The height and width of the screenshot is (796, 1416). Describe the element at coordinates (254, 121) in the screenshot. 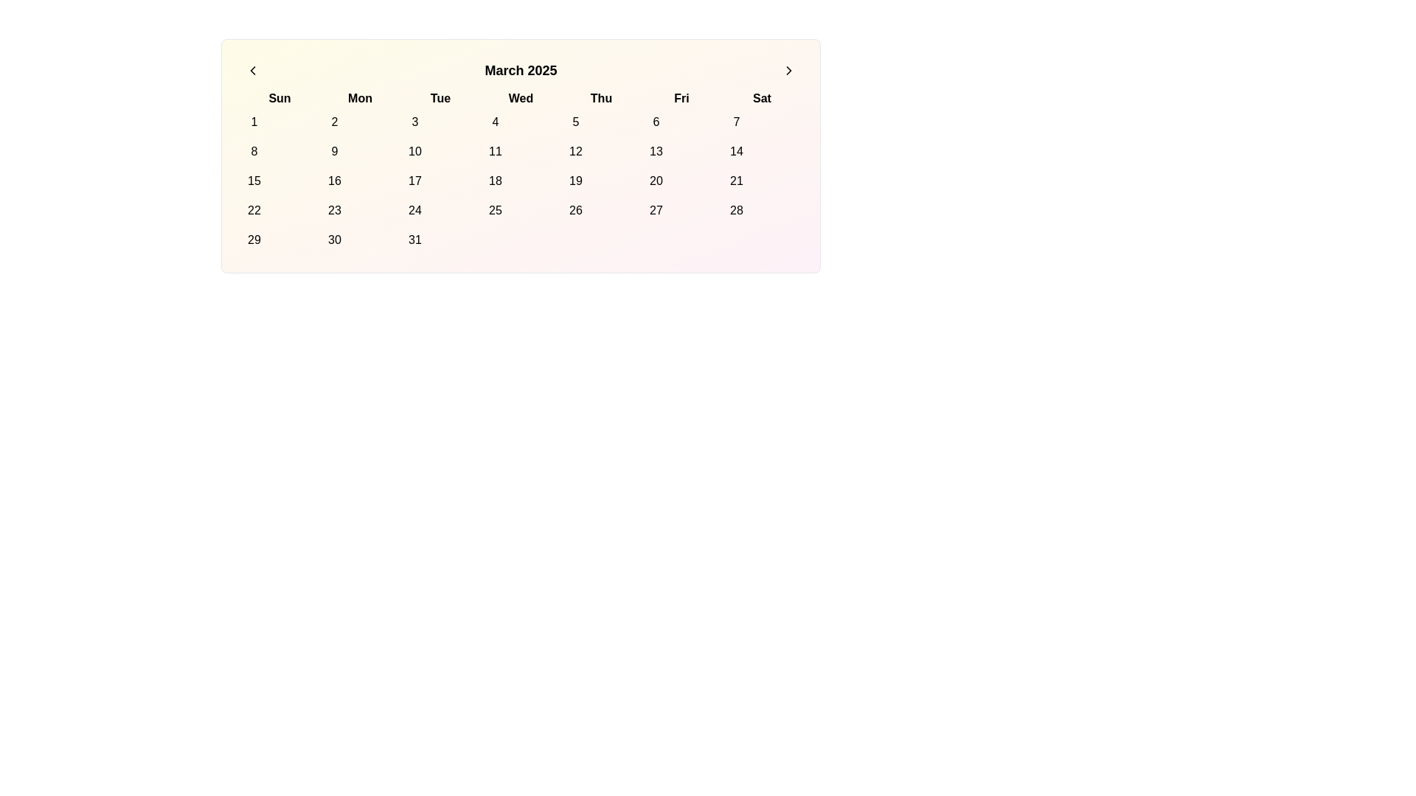

I see `the button displaying the number '1' in the upper-left corner of the calendar grid under the header 'Sun'` at that location.